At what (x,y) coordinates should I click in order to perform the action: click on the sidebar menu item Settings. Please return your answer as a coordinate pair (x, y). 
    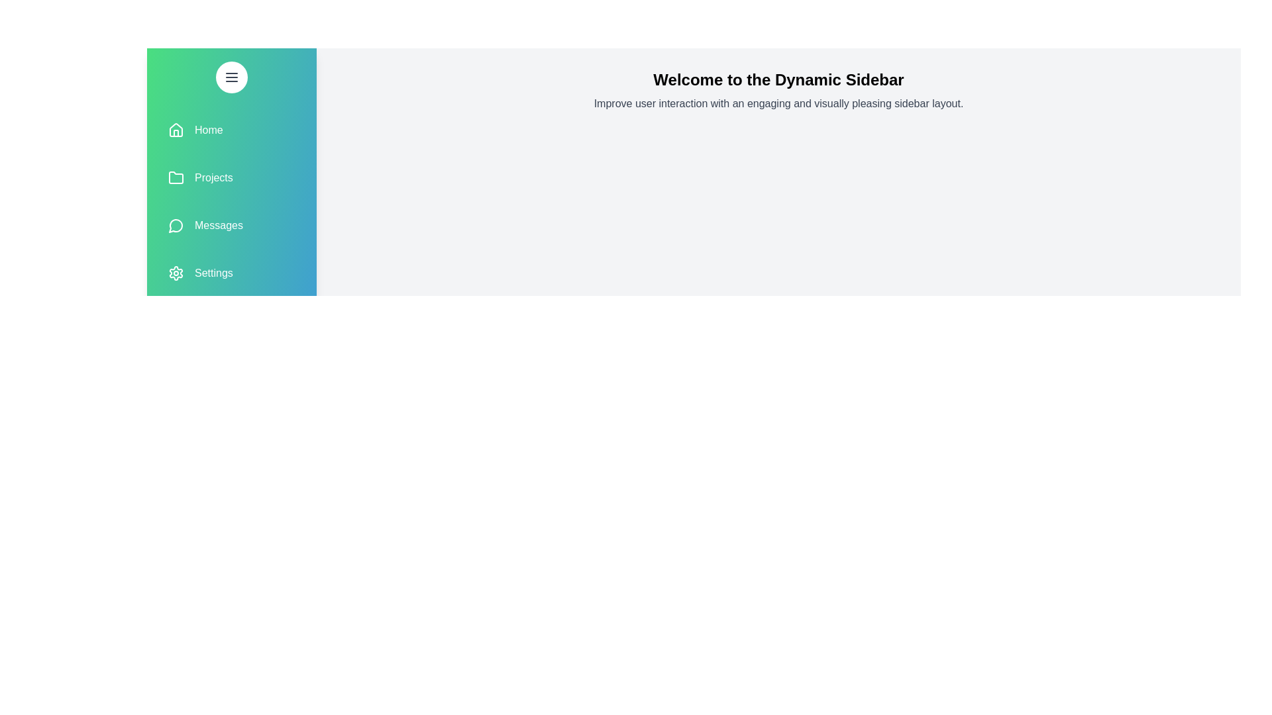
    Looking at the image, I should click on (232, 272).